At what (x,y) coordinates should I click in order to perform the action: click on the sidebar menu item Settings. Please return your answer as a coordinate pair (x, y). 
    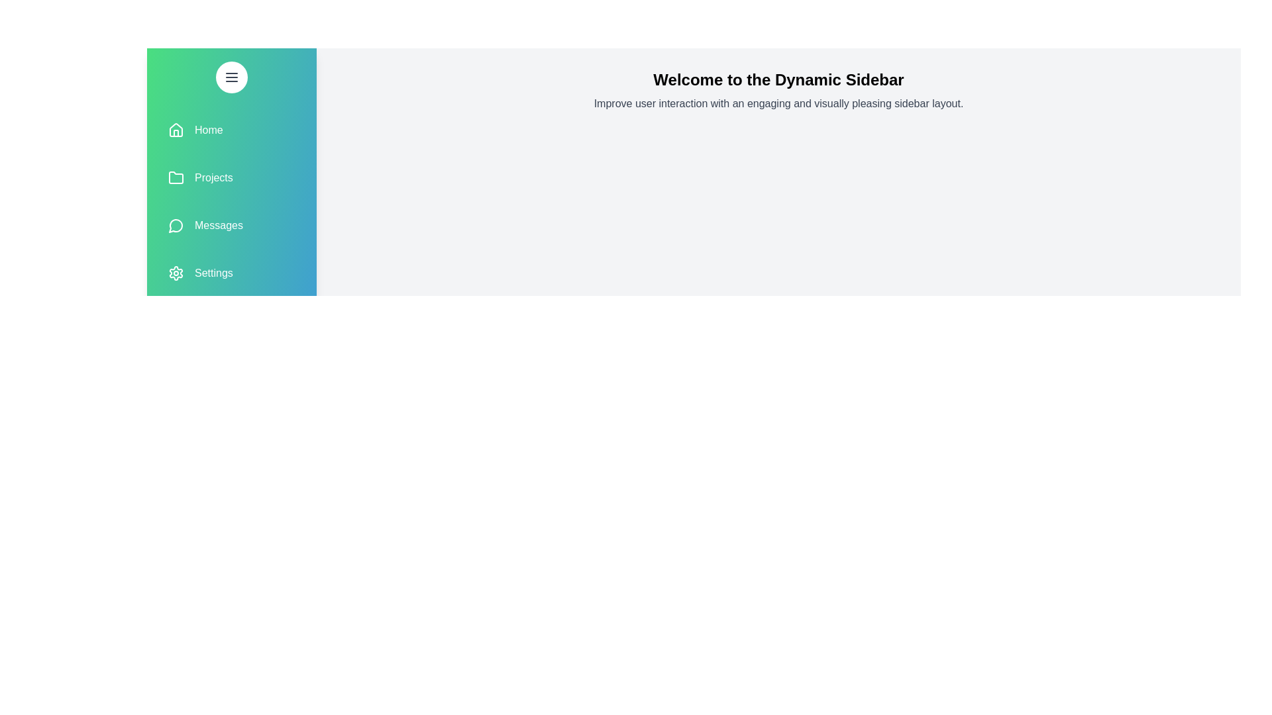
    Looking at the image, I should click on (232, 272).